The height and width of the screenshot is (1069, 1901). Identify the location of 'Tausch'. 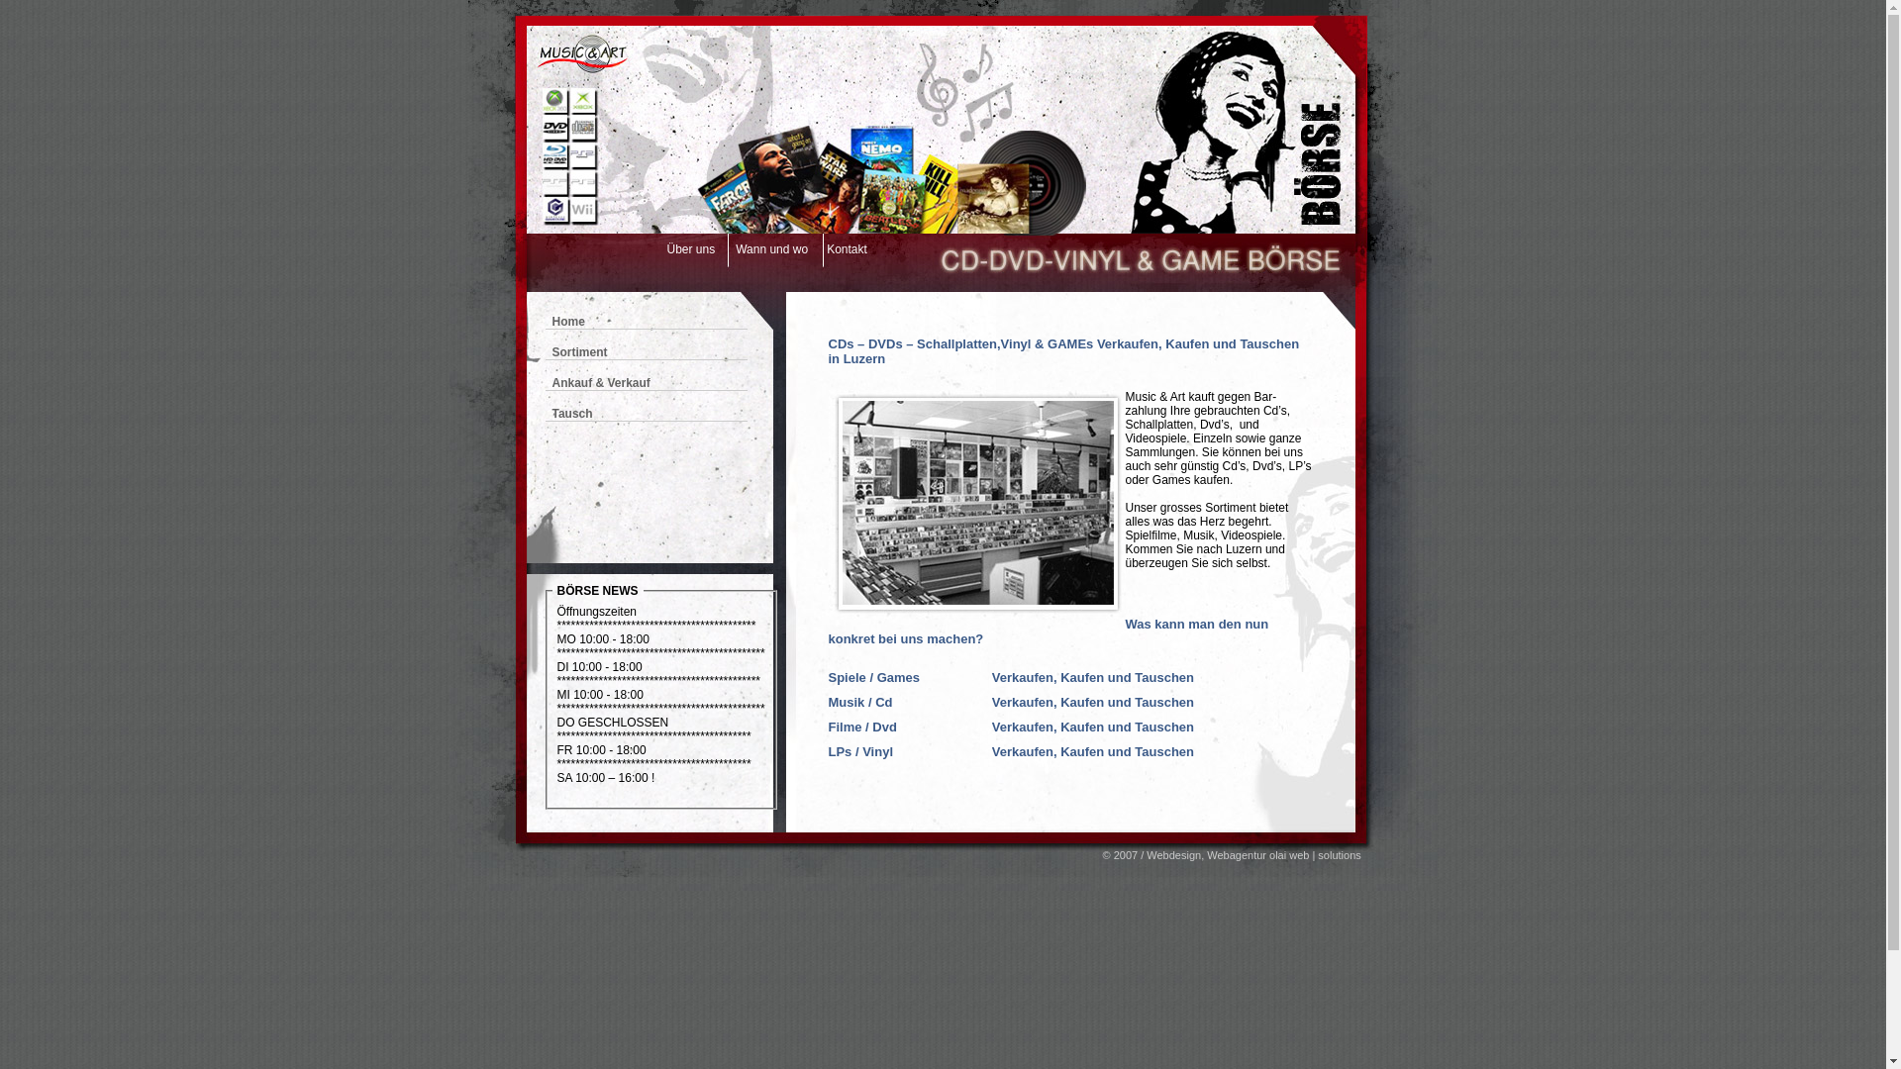
(571, 412).